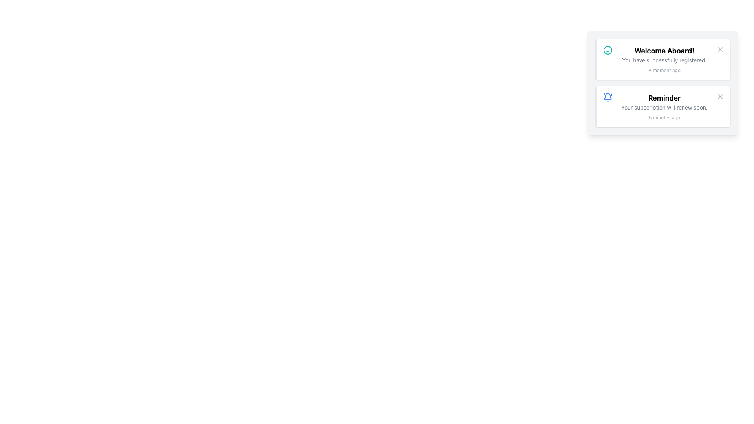 Image resolution: width=754 pixels, height=424 pixels. Describe the element at coordinates (664, 107) in the screenshot. I see `the interactive areas adjacent to the Notification card titled 'Reminder', which is the second notification block in the layout` at that location.